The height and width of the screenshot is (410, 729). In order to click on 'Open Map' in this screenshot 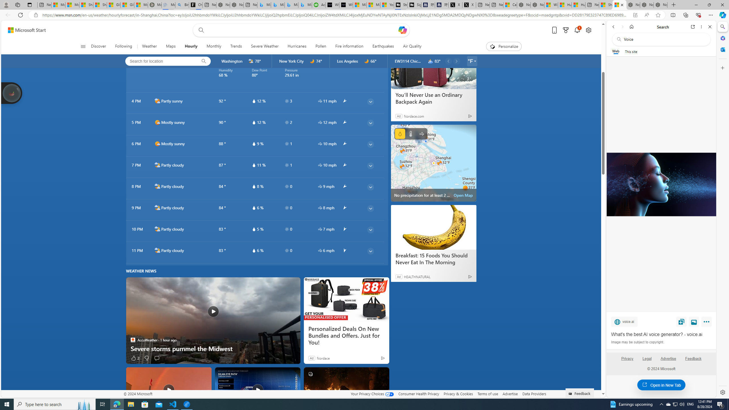, I will do `click(463, 195)`.